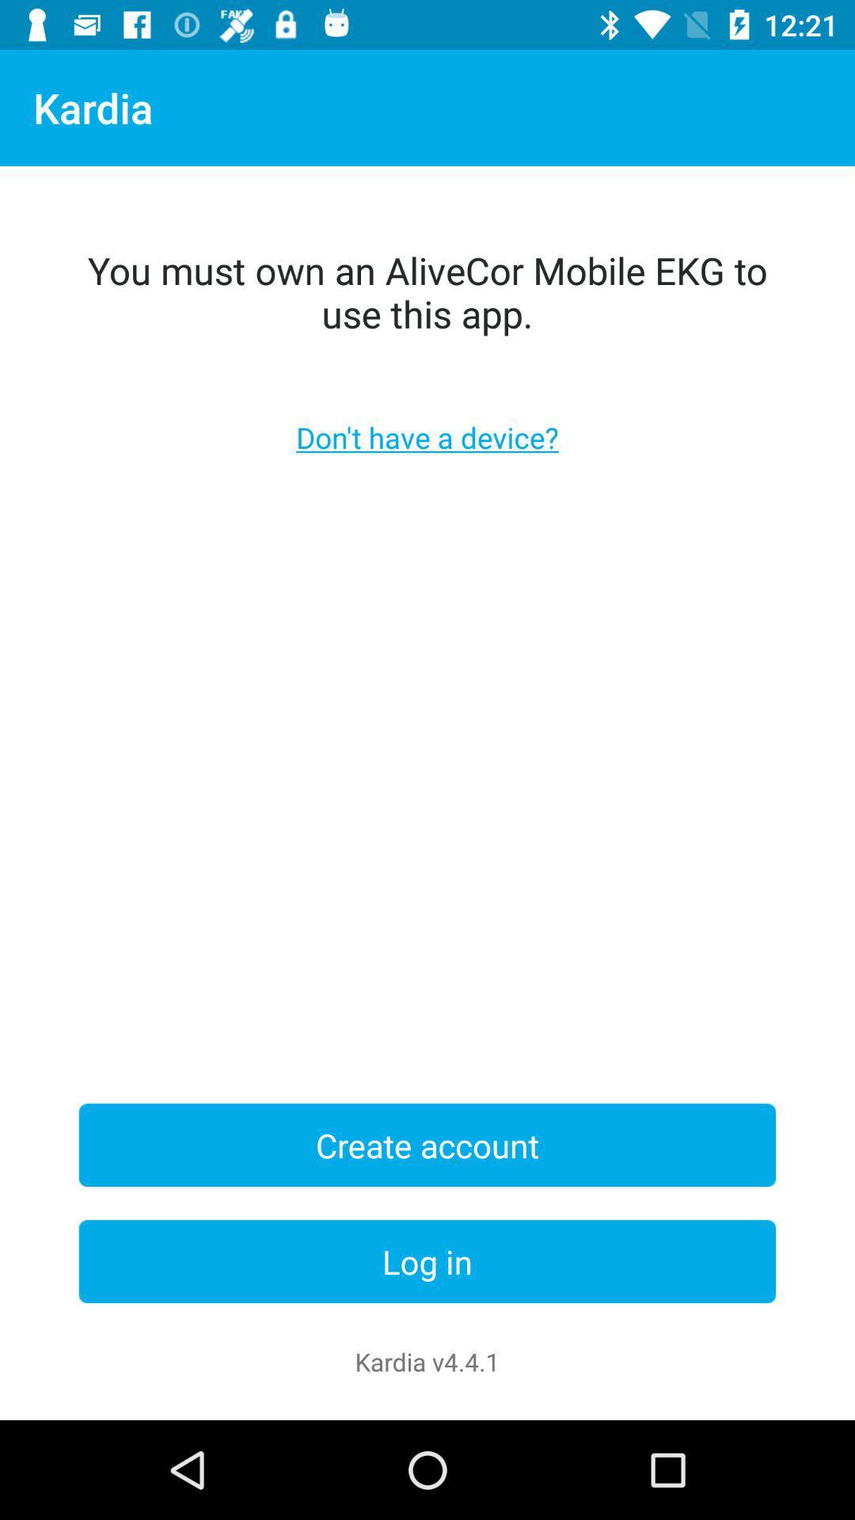  I want to click on icon below you must own icon, so click(427, 437).